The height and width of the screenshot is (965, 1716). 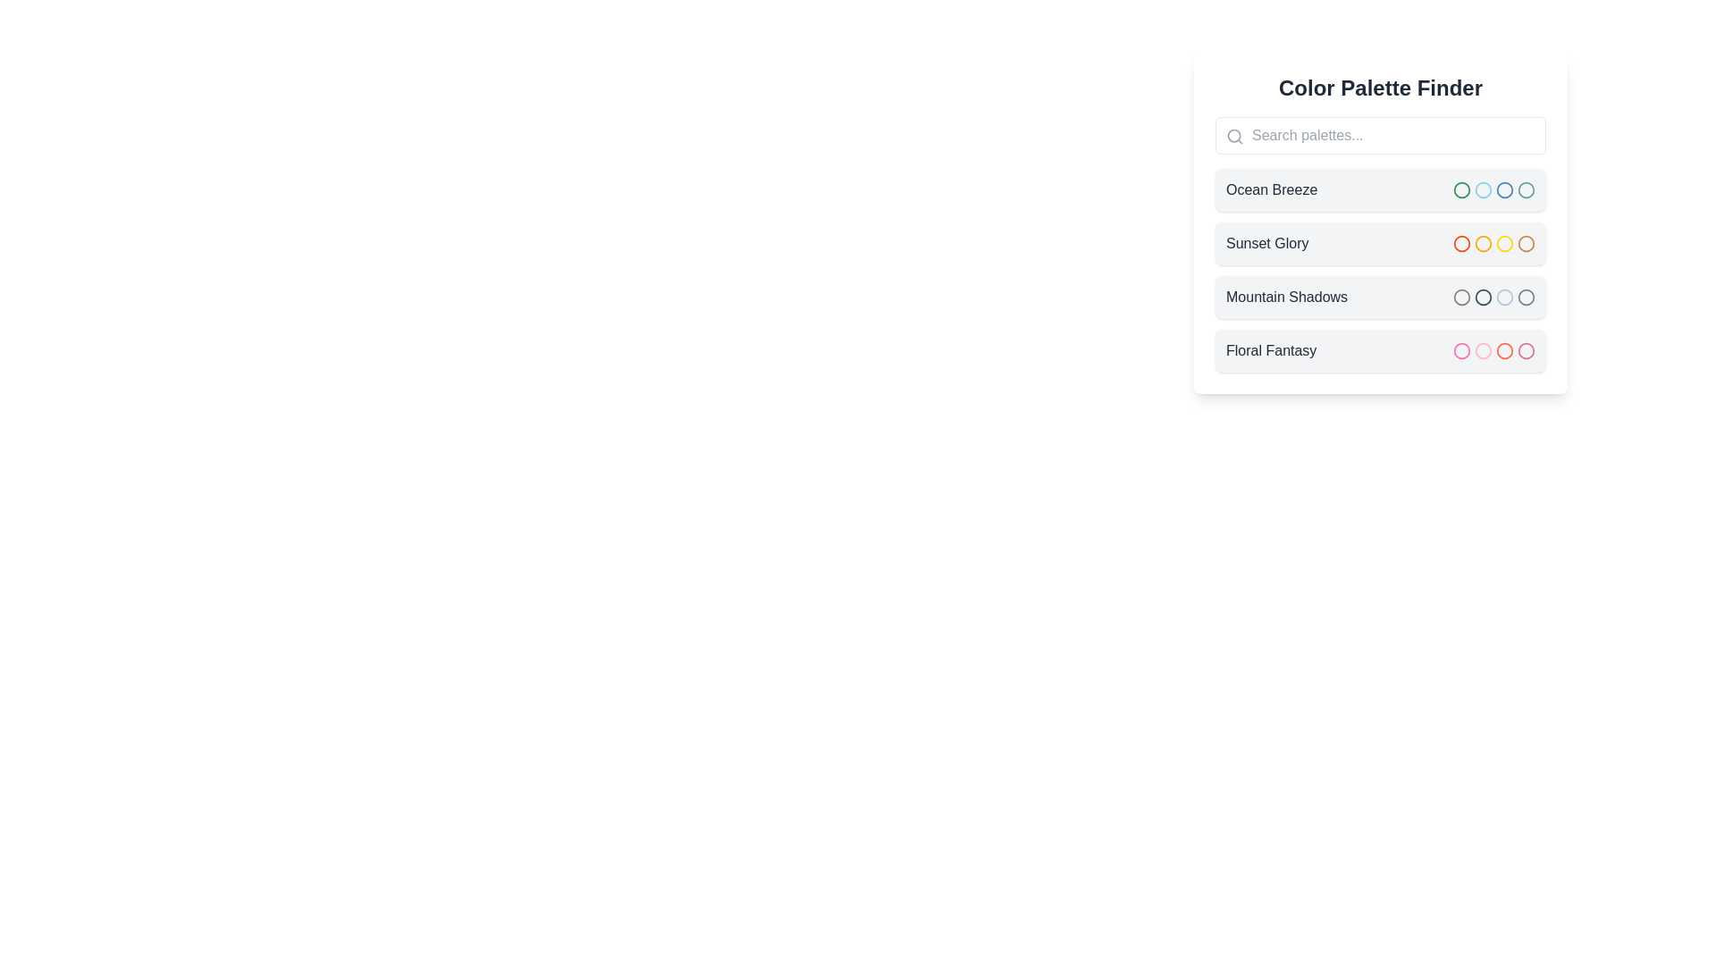 What do you see at coordinates (1484, 351) in the screenshot?
I see `the second circle in the 'Floral Fantasy' row of the color palette list` at bounding box center [1484, 351].